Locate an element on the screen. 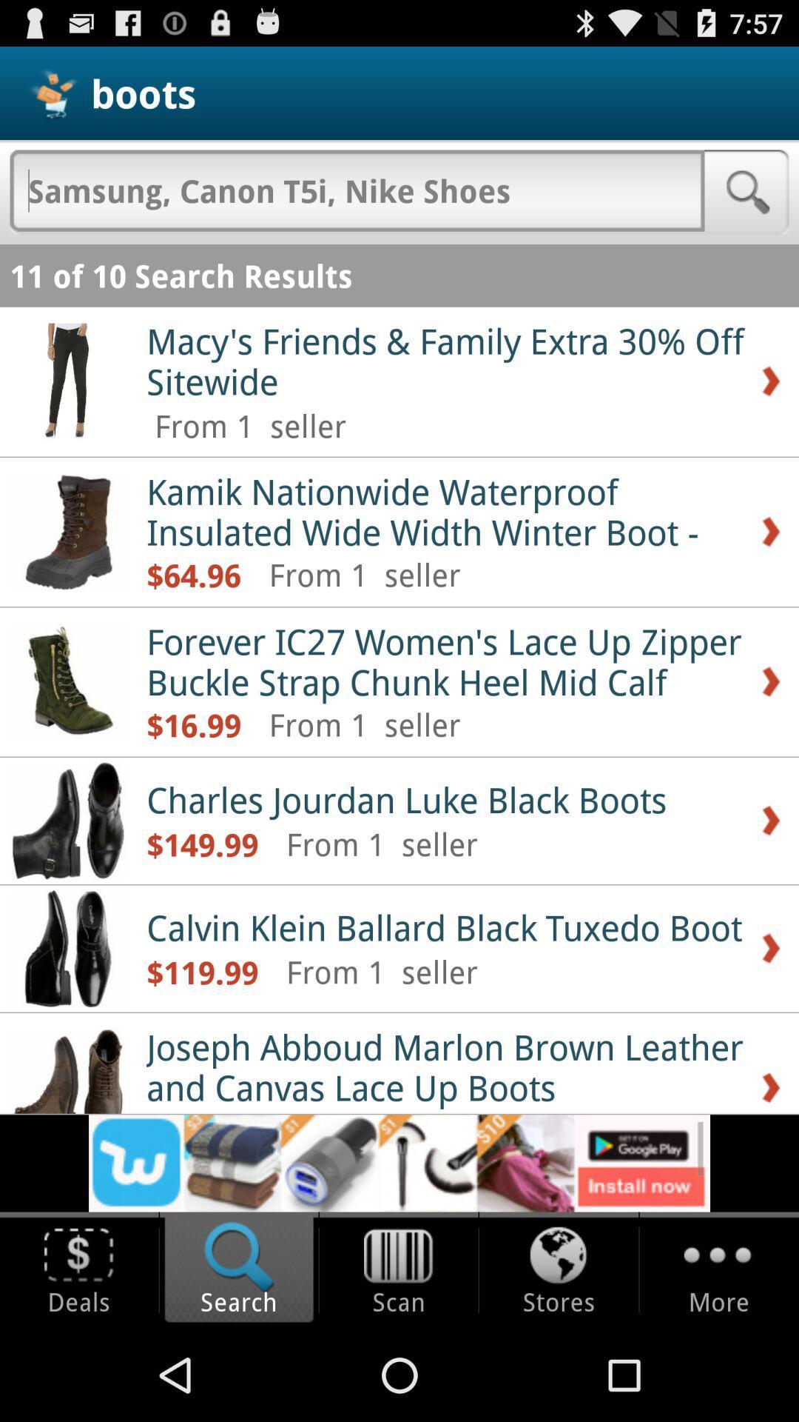 The image size is (799, 1422). the stores icon is located at coordinates (559, 1256).